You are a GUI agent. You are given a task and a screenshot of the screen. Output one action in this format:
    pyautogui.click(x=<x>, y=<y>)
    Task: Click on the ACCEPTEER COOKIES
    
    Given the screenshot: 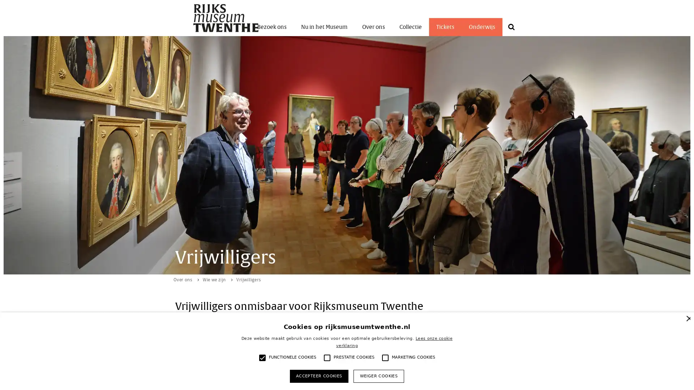 What is the action you would take?
    pyautogui.click(x=318, y=376)
    